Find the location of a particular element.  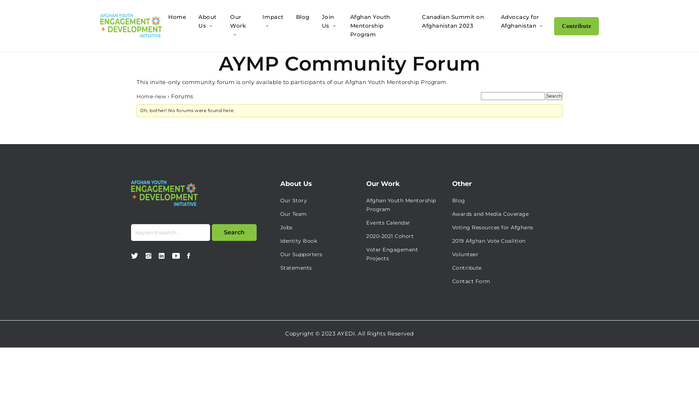

'Volunteer' is located at coordinates (465, 254).